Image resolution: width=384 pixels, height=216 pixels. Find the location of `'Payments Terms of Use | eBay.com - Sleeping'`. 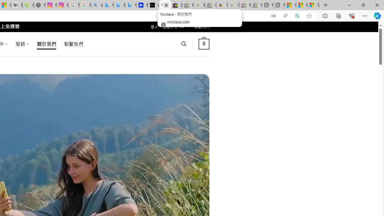

'Payments Terms of Use | eBay.com - Sleeping' is located at coordinates (233, 5).